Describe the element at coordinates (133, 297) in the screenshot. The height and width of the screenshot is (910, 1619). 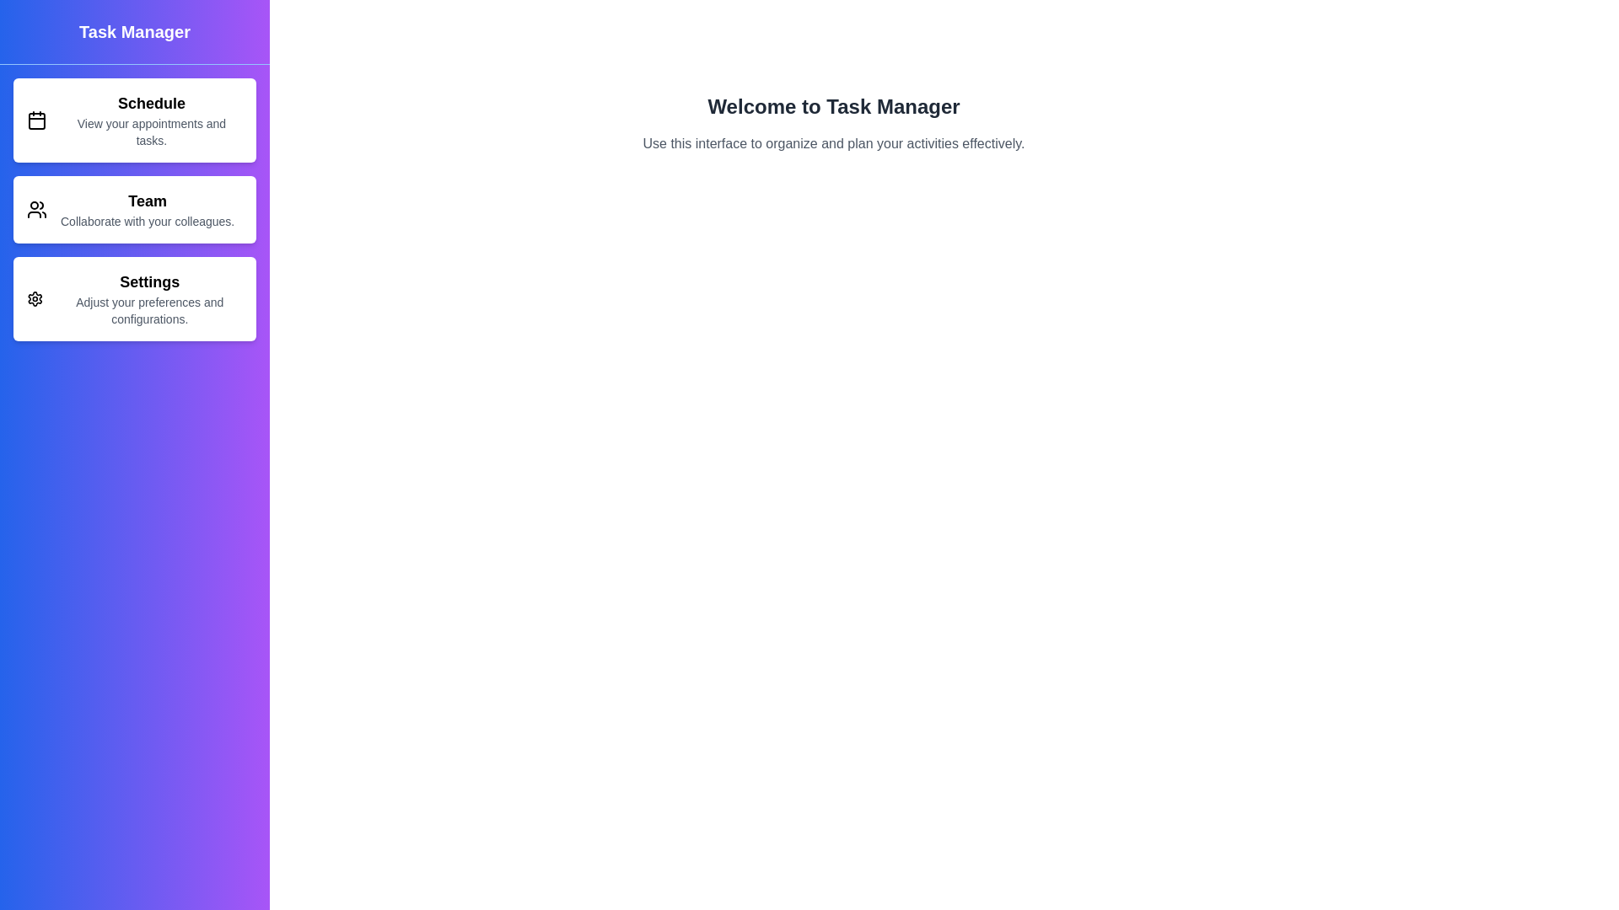
I see `the element with menu_item_settings to observe visual changes or tooltips` at that location.